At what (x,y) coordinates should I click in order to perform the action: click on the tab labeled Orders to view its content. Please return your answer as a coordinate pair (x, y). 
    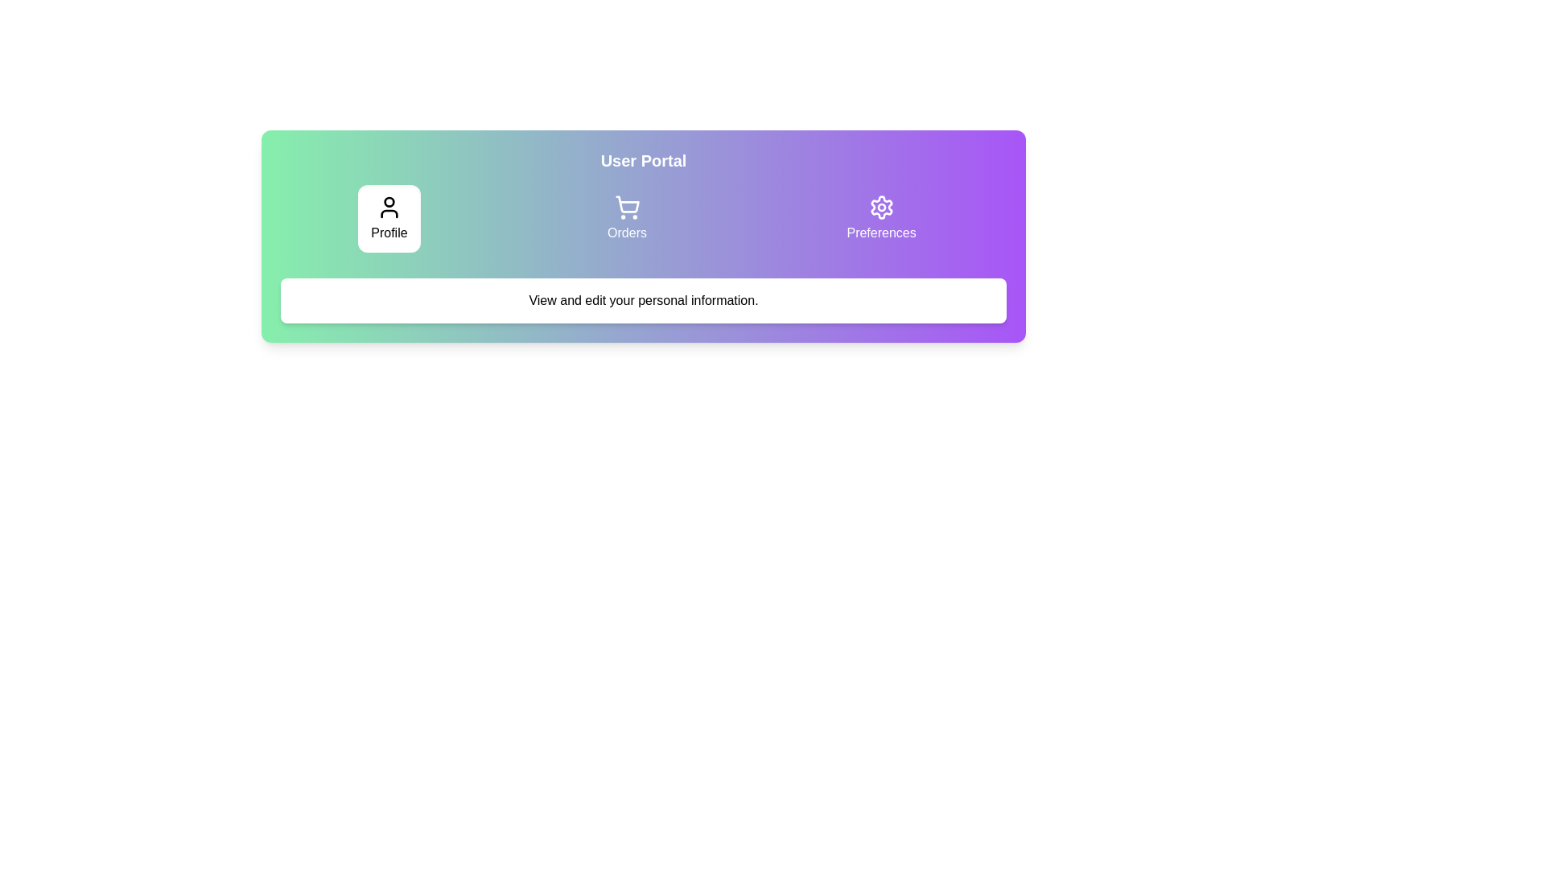
    Looking at the image, I should click on (626, 219).